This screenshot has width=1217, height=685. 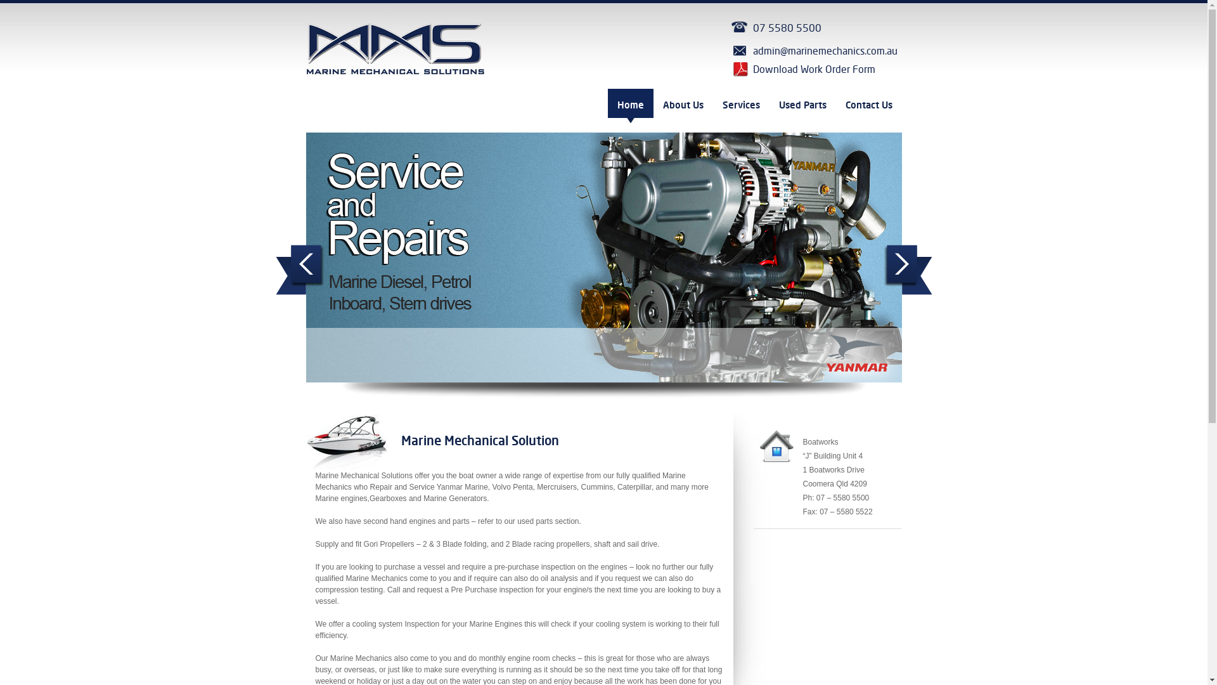 I want to click on 'Contact Us', so click(x=867, y=105).